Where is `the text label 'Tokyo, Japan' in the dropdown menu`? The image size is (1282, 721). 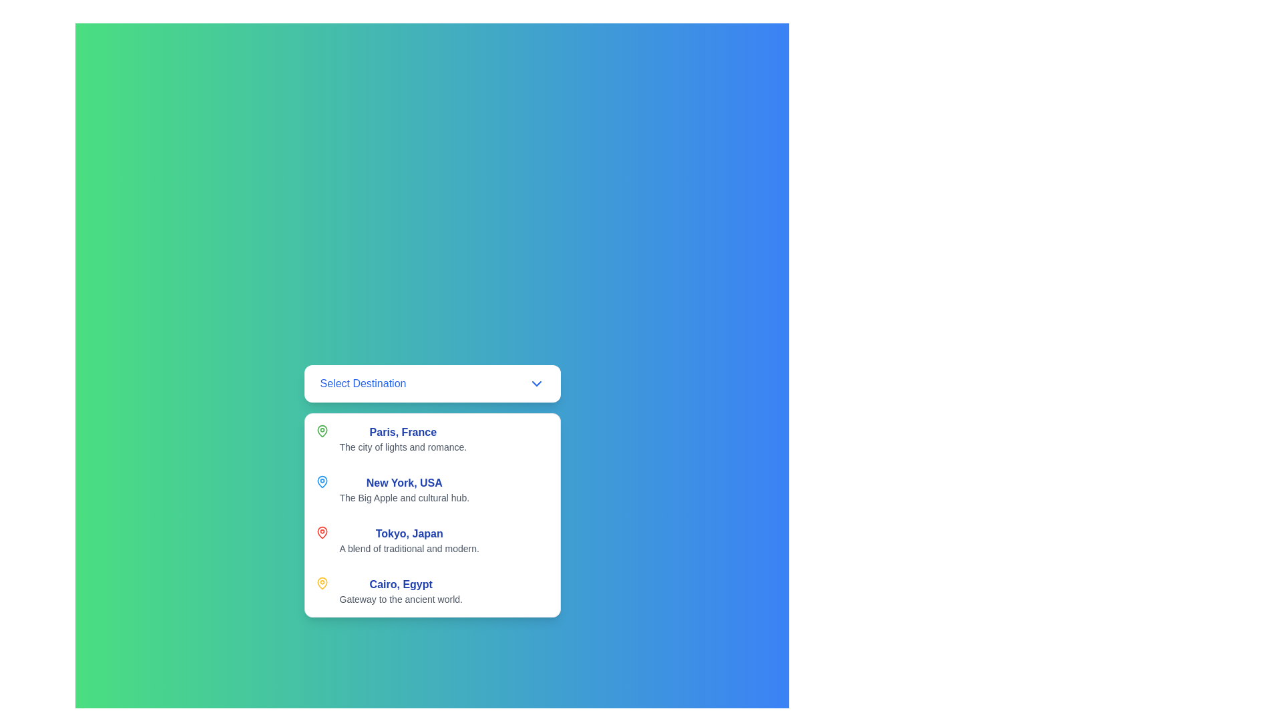
the text label 'Tokyo, Japan' in the dropdown menu is located at coordinates (409, 533).